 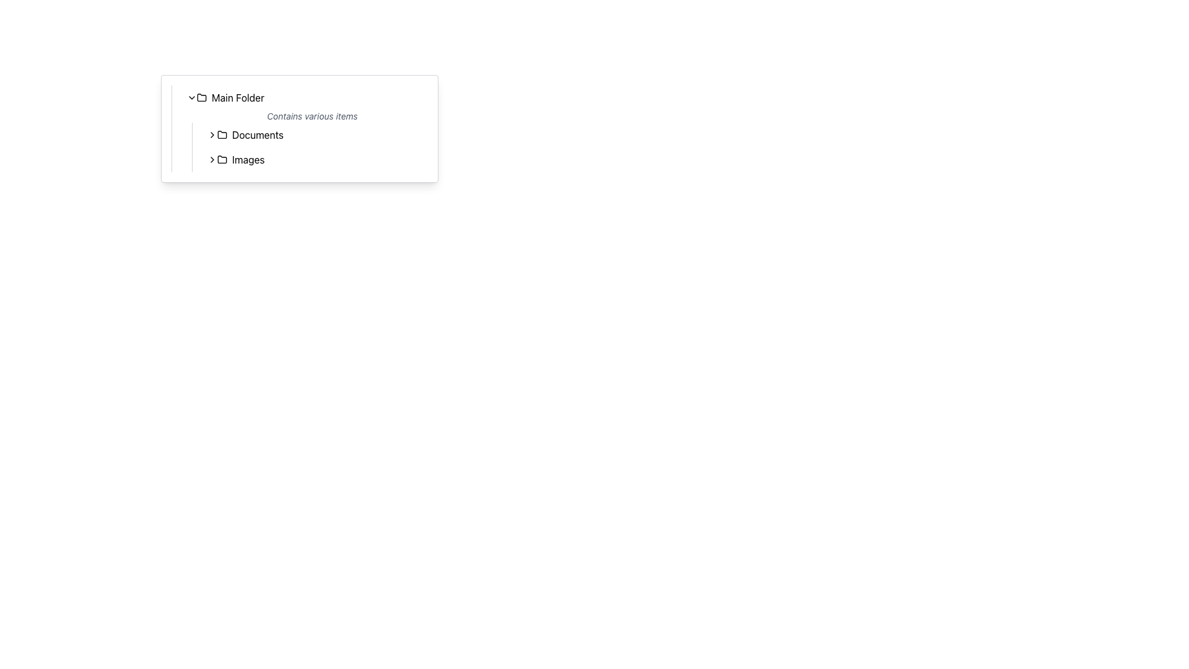 What do you see at coordinates (257, 135) in the screenshot?
I see `the 'Documents' text label, which is styled with a sans-serif font and positioned directly to the right of a folder icon in a list layout` at bounding box center [257, 135].